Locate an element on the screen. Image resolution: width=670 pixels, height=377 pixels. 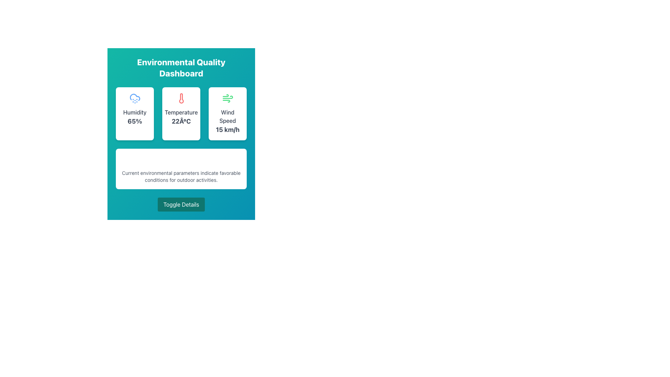
the green wind icon representing wind speed, located in the top-right quadrant of the dashboard, within the 'Wind Speed' card is located at coordinates (228, 98).